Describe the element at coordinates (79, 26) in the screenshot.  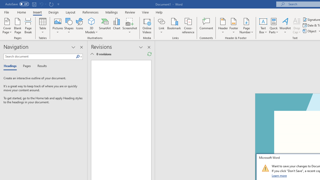
I see `'Icons'` at that location.